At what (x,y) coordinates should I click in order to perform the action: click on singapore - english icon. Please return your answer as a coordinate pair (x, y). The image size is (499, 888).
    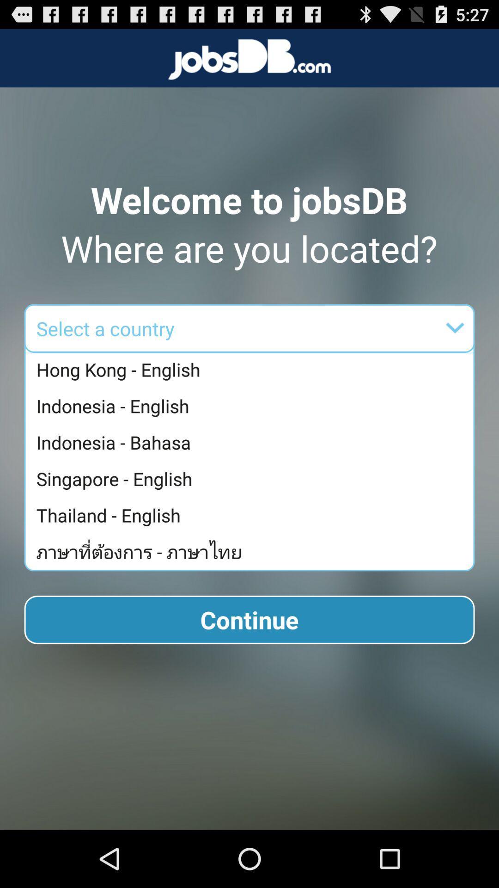
    Looking at the image, I should click on (252, 479).